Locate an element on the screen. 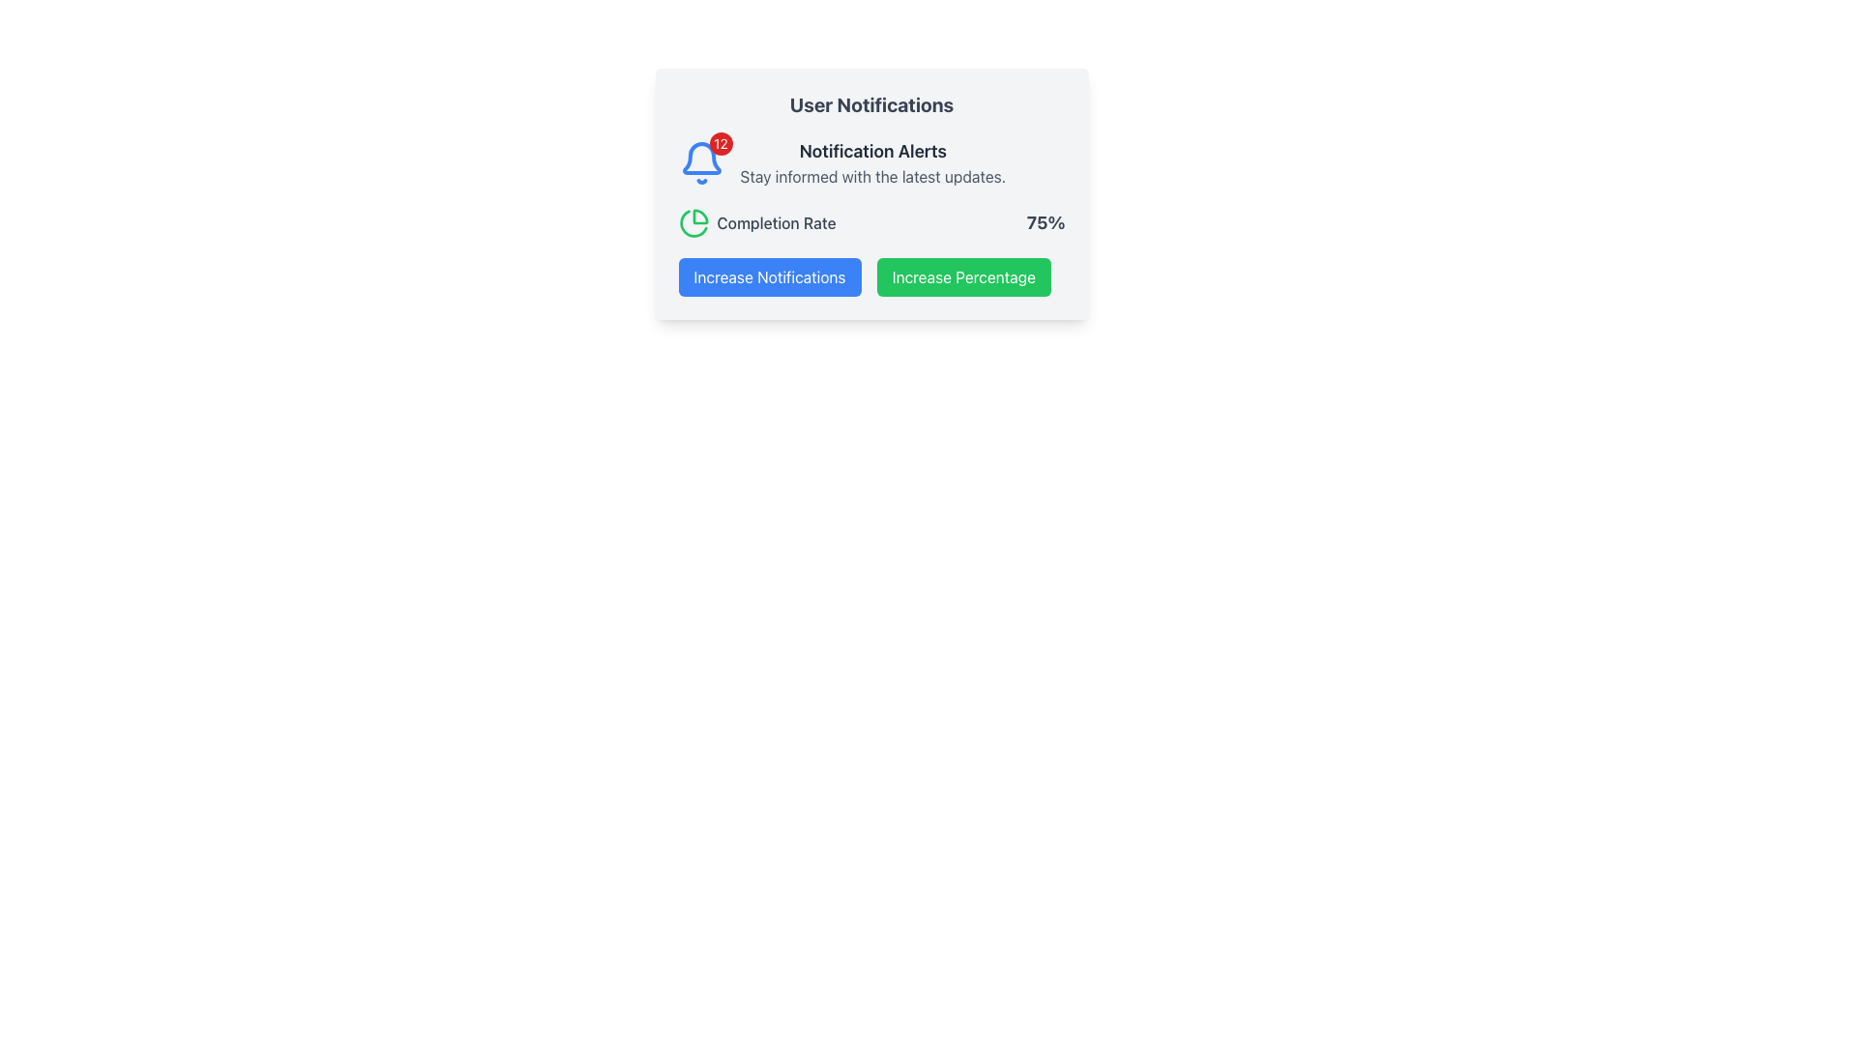 The height and width of the screenshot is (1044, 1857). the red circular Notification Badge displaying the number '12' is located at coordinates (720, 143).